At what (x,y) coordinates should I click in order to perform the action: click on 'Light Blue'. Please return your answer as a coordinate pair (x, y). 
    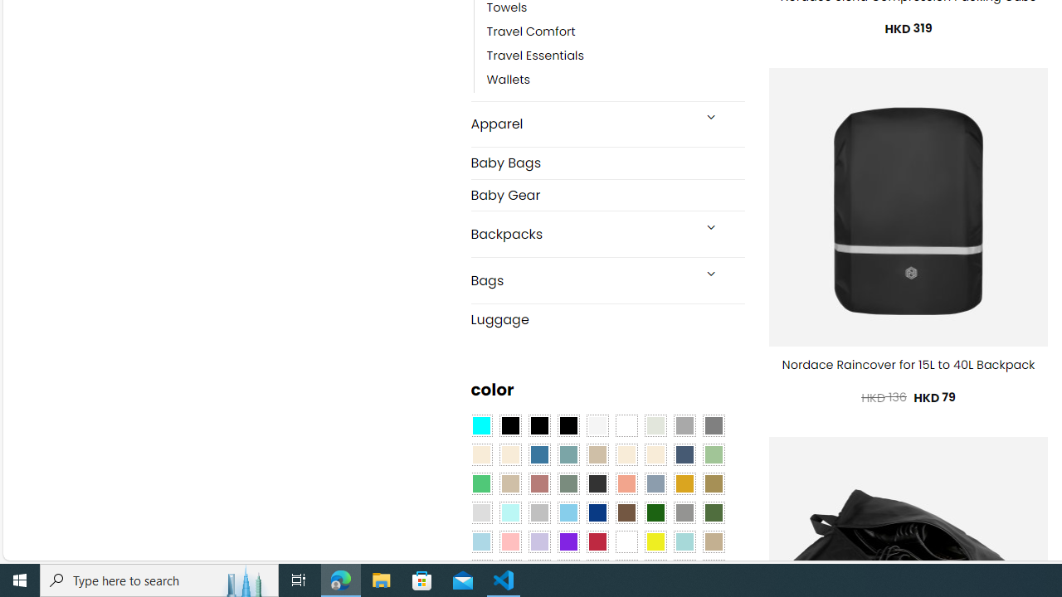
    Looking at the image, I should click on (480, 541).